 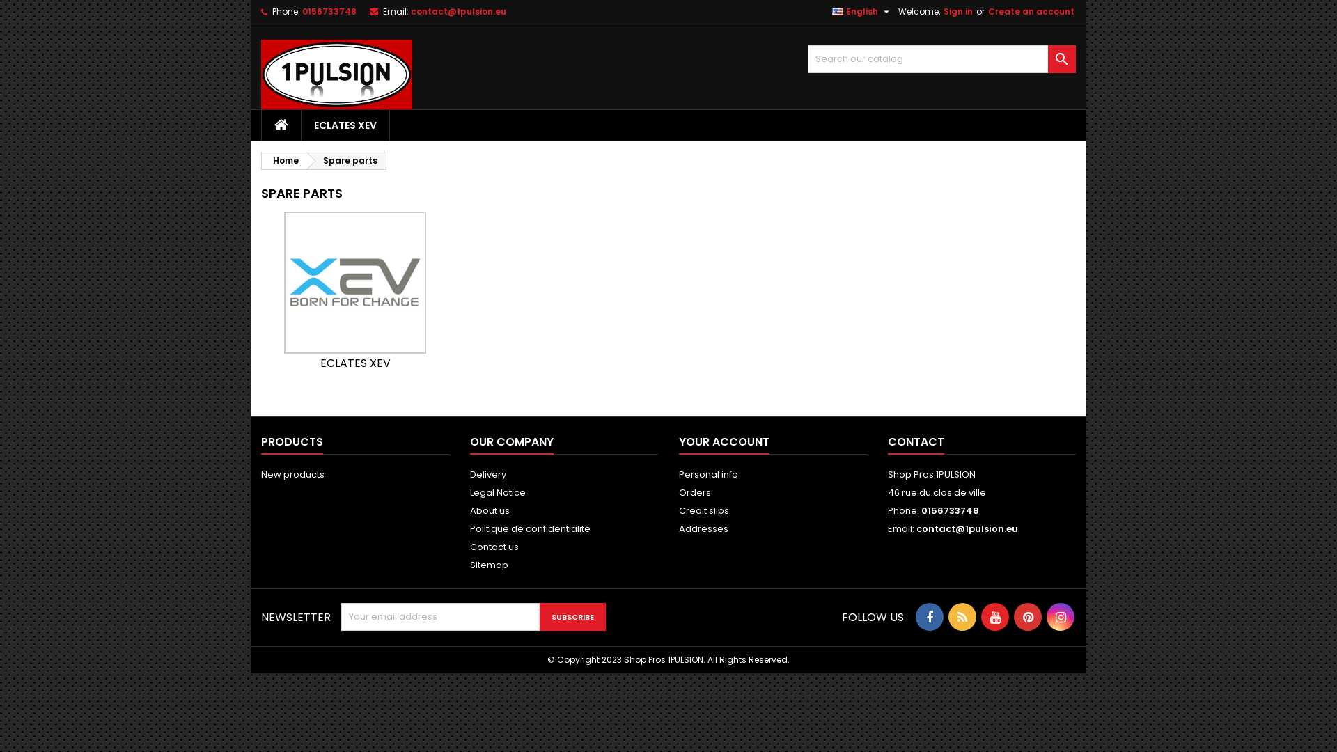 What do you see at coordinates (724, 443) in the screenshot?
I see `'YOUR ACCOUNT'` at bounding box center [724, 443].